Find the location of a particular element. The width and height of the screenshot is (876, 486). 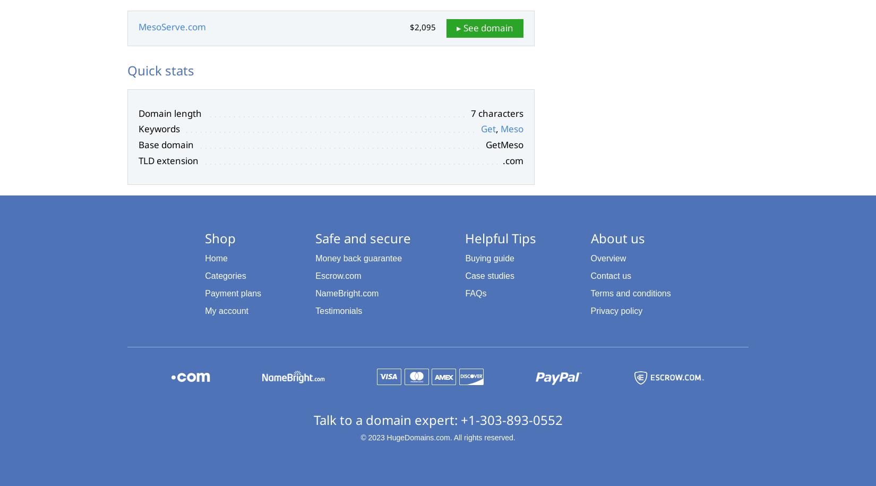

'About us' is located at coordinates (617, 238).